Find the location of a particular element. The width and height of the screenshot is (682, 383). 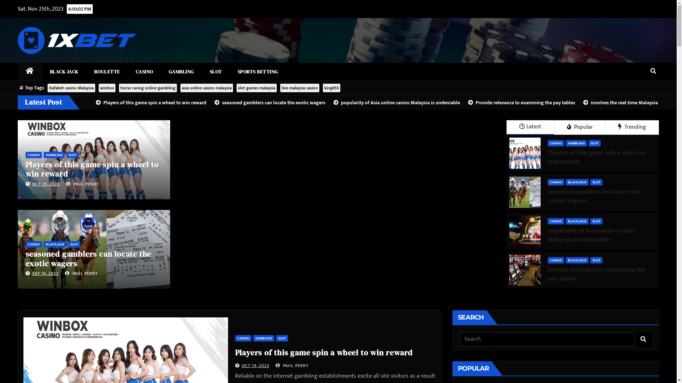

'Provide relevance to examining the pay tables' is located at coordinates (518, 102).